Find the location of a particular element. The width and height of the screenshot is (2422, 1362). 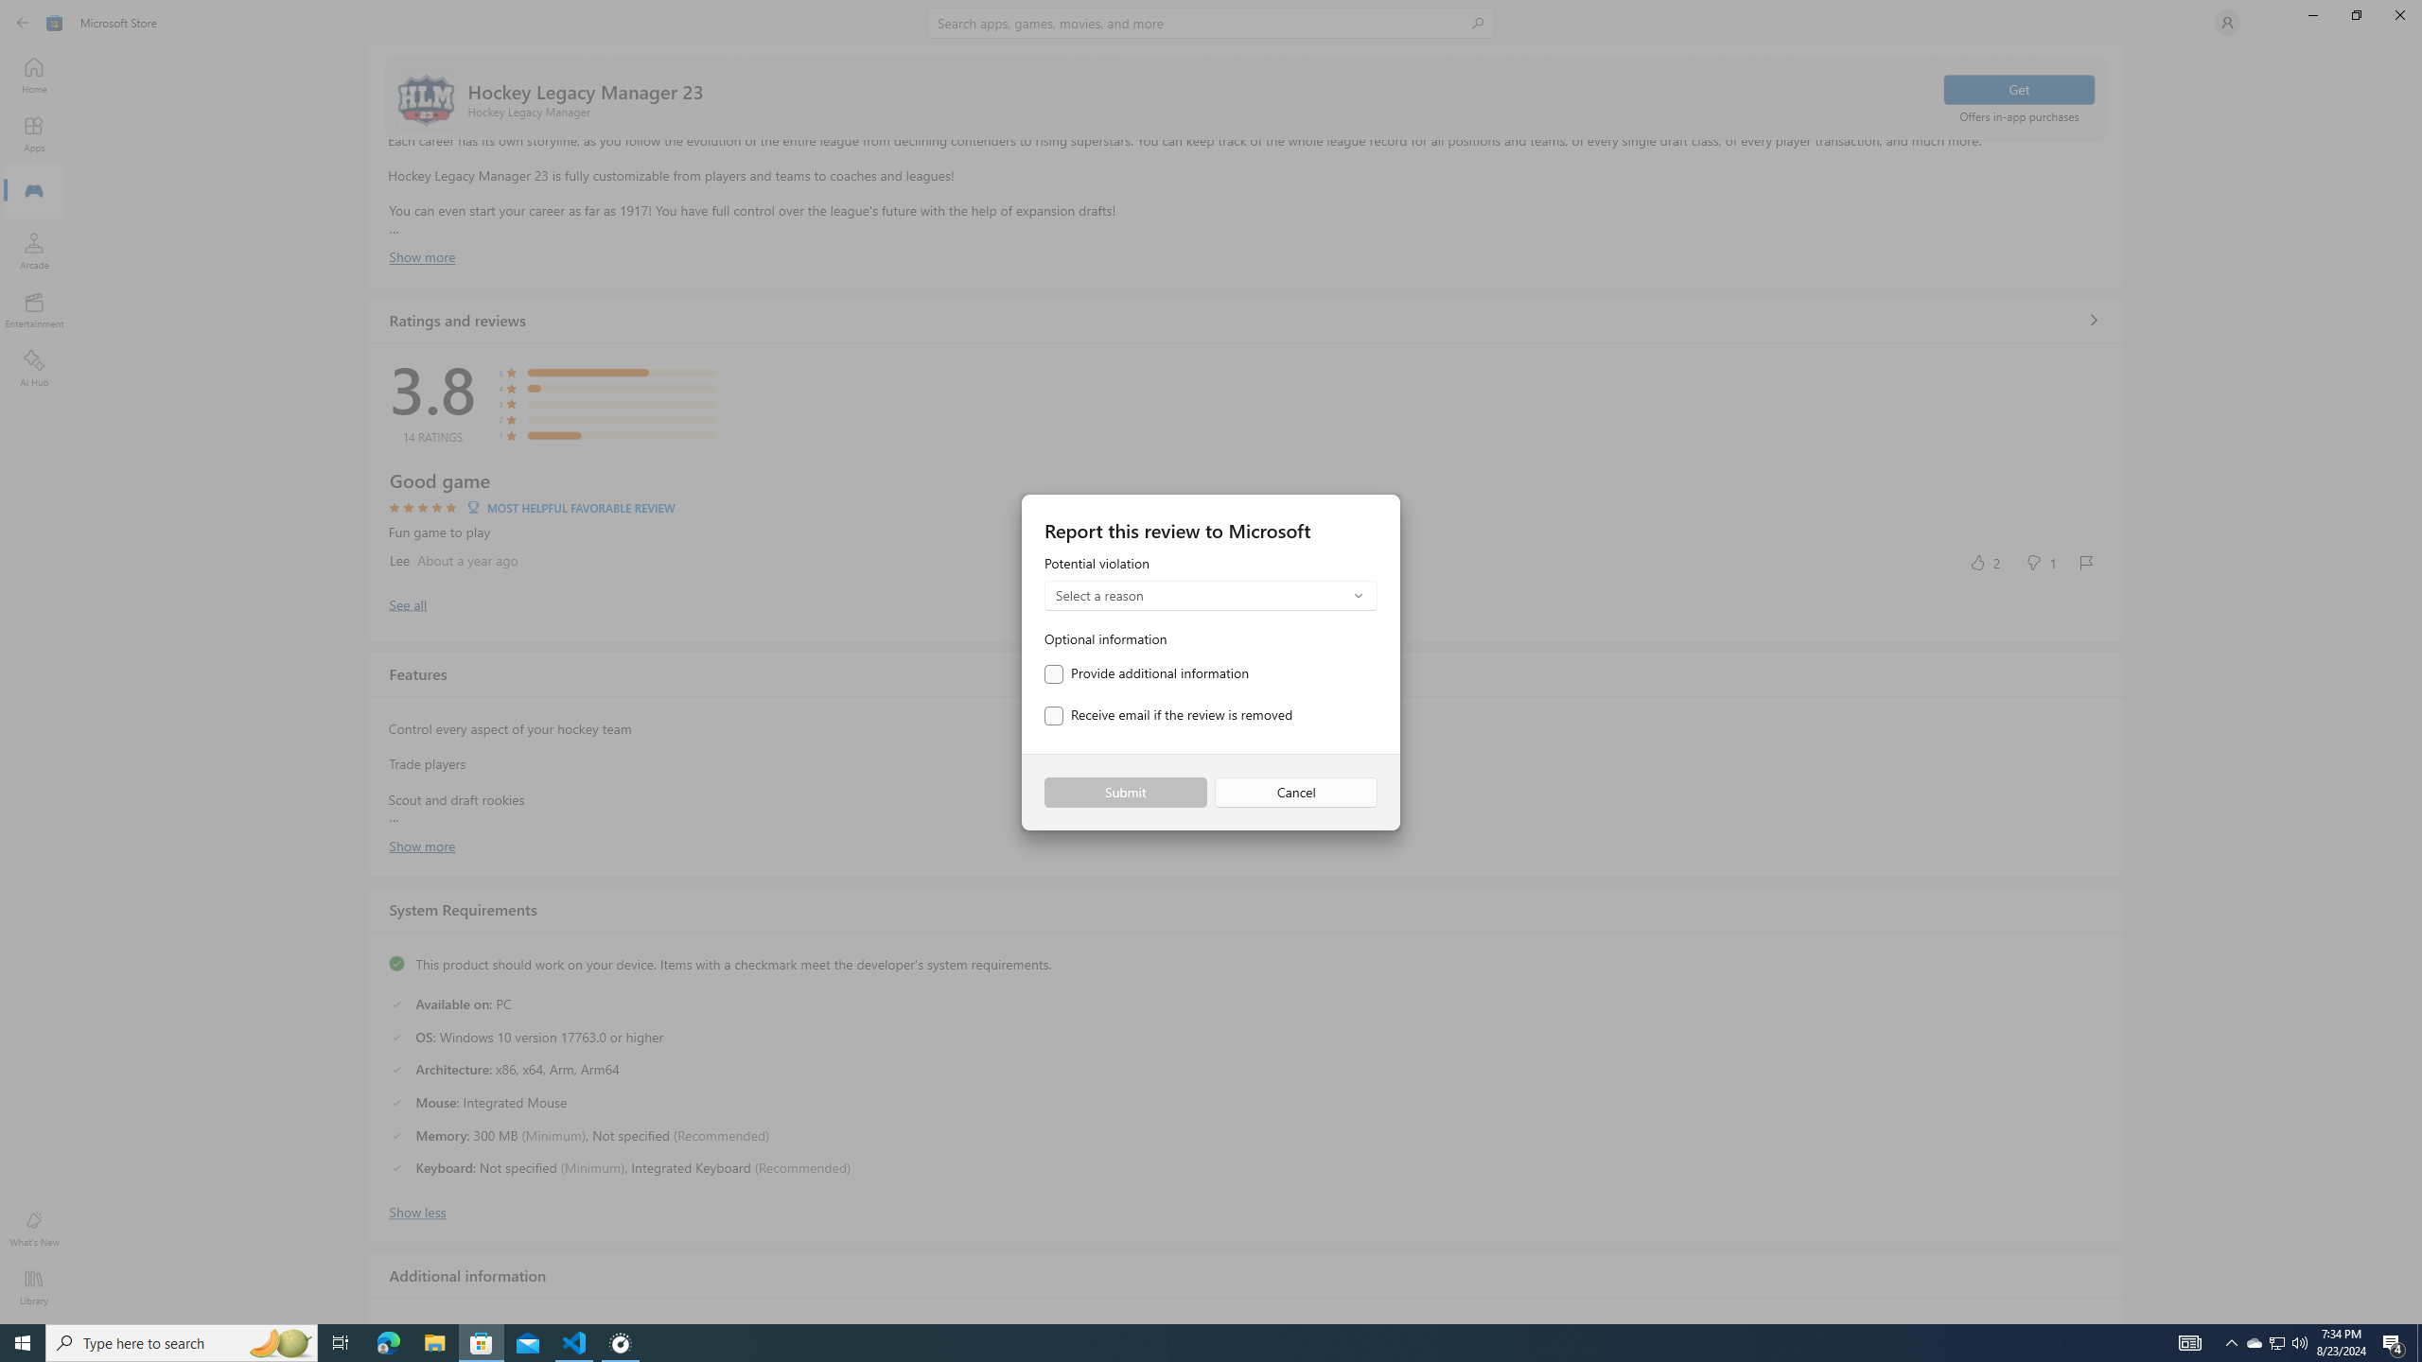

'Cancel' is located at coordinates (1295, 793).